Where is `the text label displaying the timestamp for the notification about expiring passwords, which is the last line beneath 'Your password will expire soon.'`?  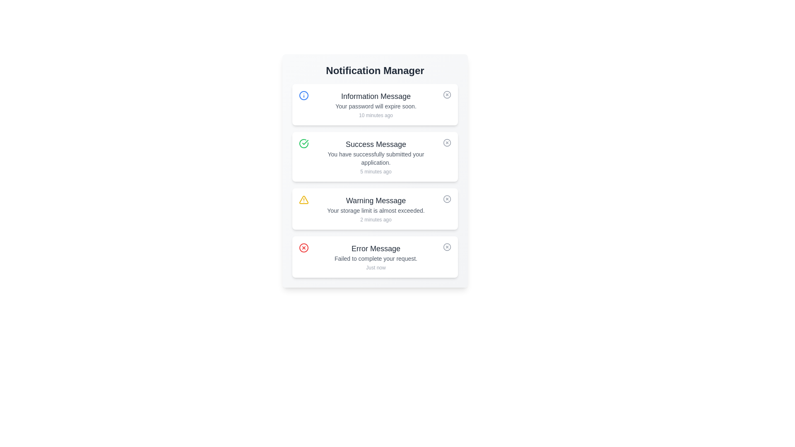 the text label displaying the timestamp for the notification about expiring passwords, which is the last line beneath 'Your password will expire soon.' is located at coordinates (375, 115).